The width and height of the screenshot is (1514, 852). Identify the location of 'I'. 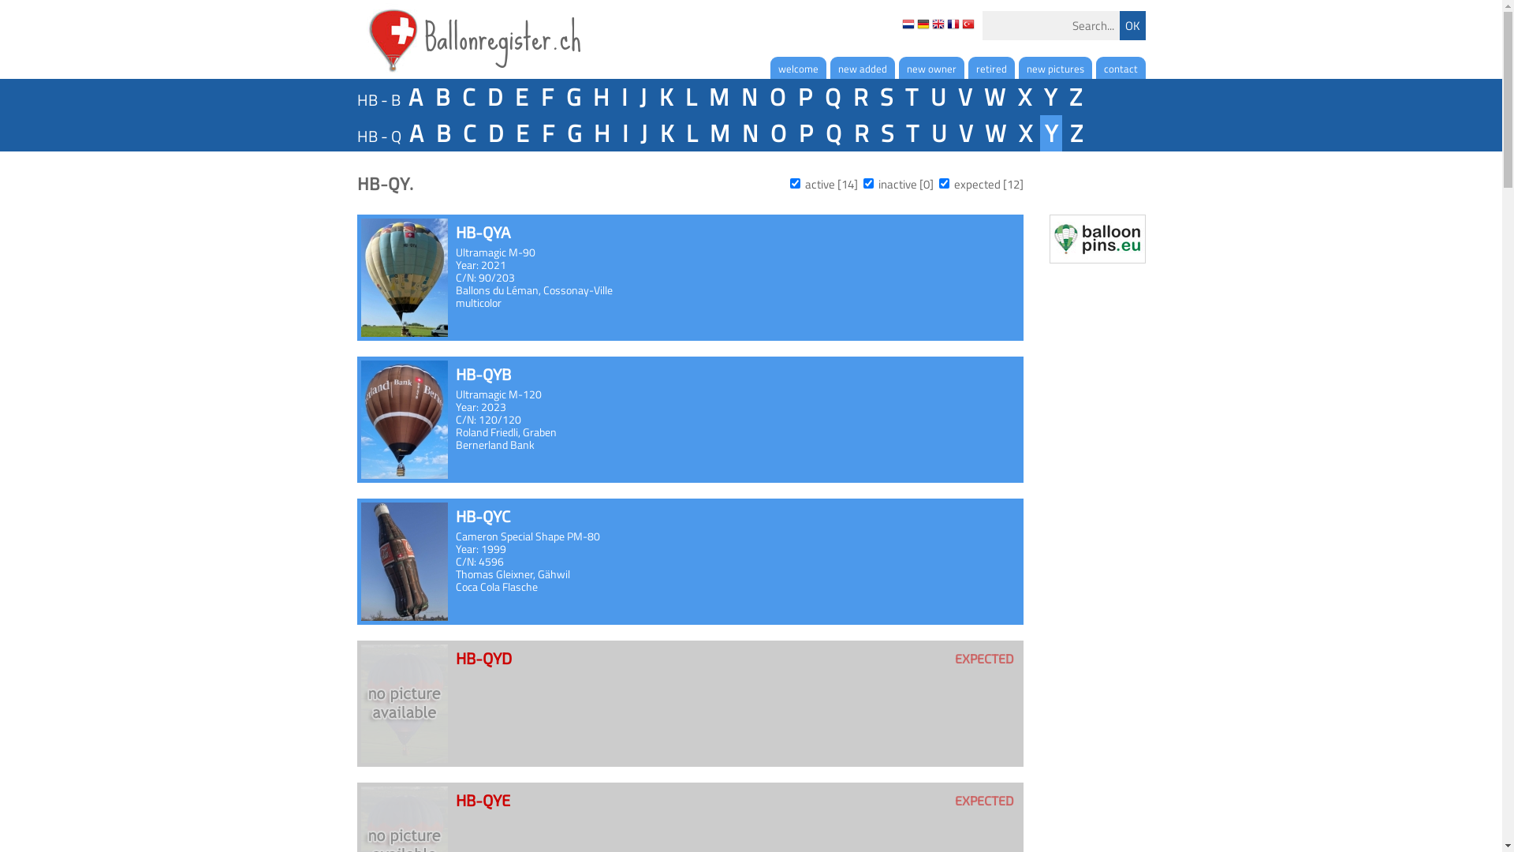
(623, 97).